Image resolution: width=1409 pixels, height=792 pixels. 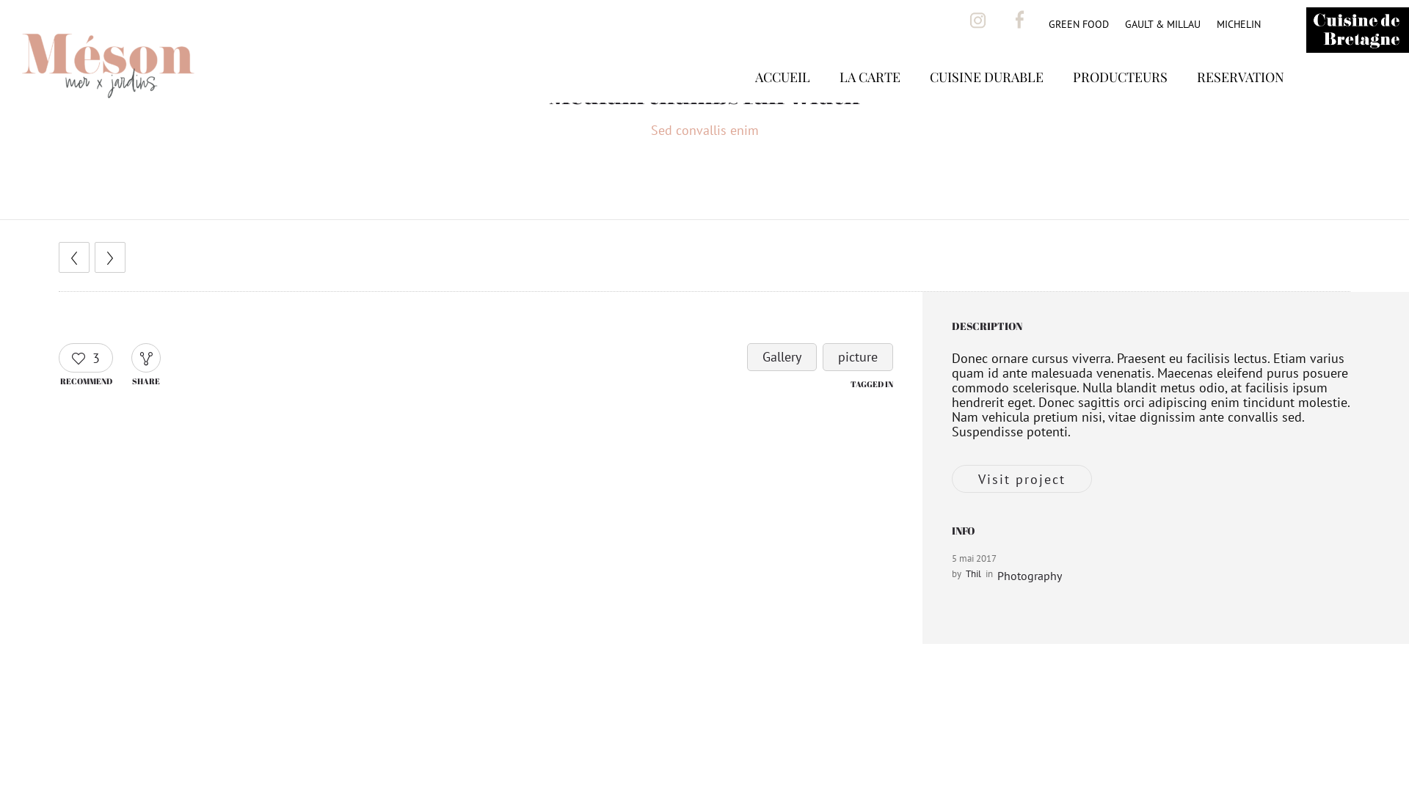 I want to click on 'PRODUCTEURS', so click(x=1119, y=99).